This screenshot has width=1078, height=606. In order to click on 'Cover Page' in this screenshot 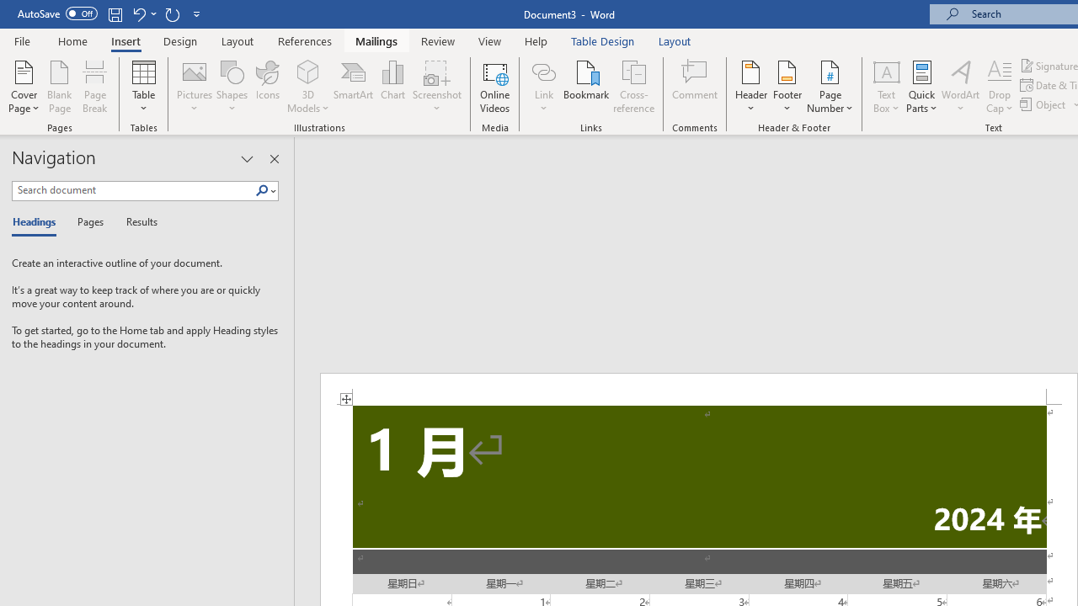, I will do `click(24, 87)`.